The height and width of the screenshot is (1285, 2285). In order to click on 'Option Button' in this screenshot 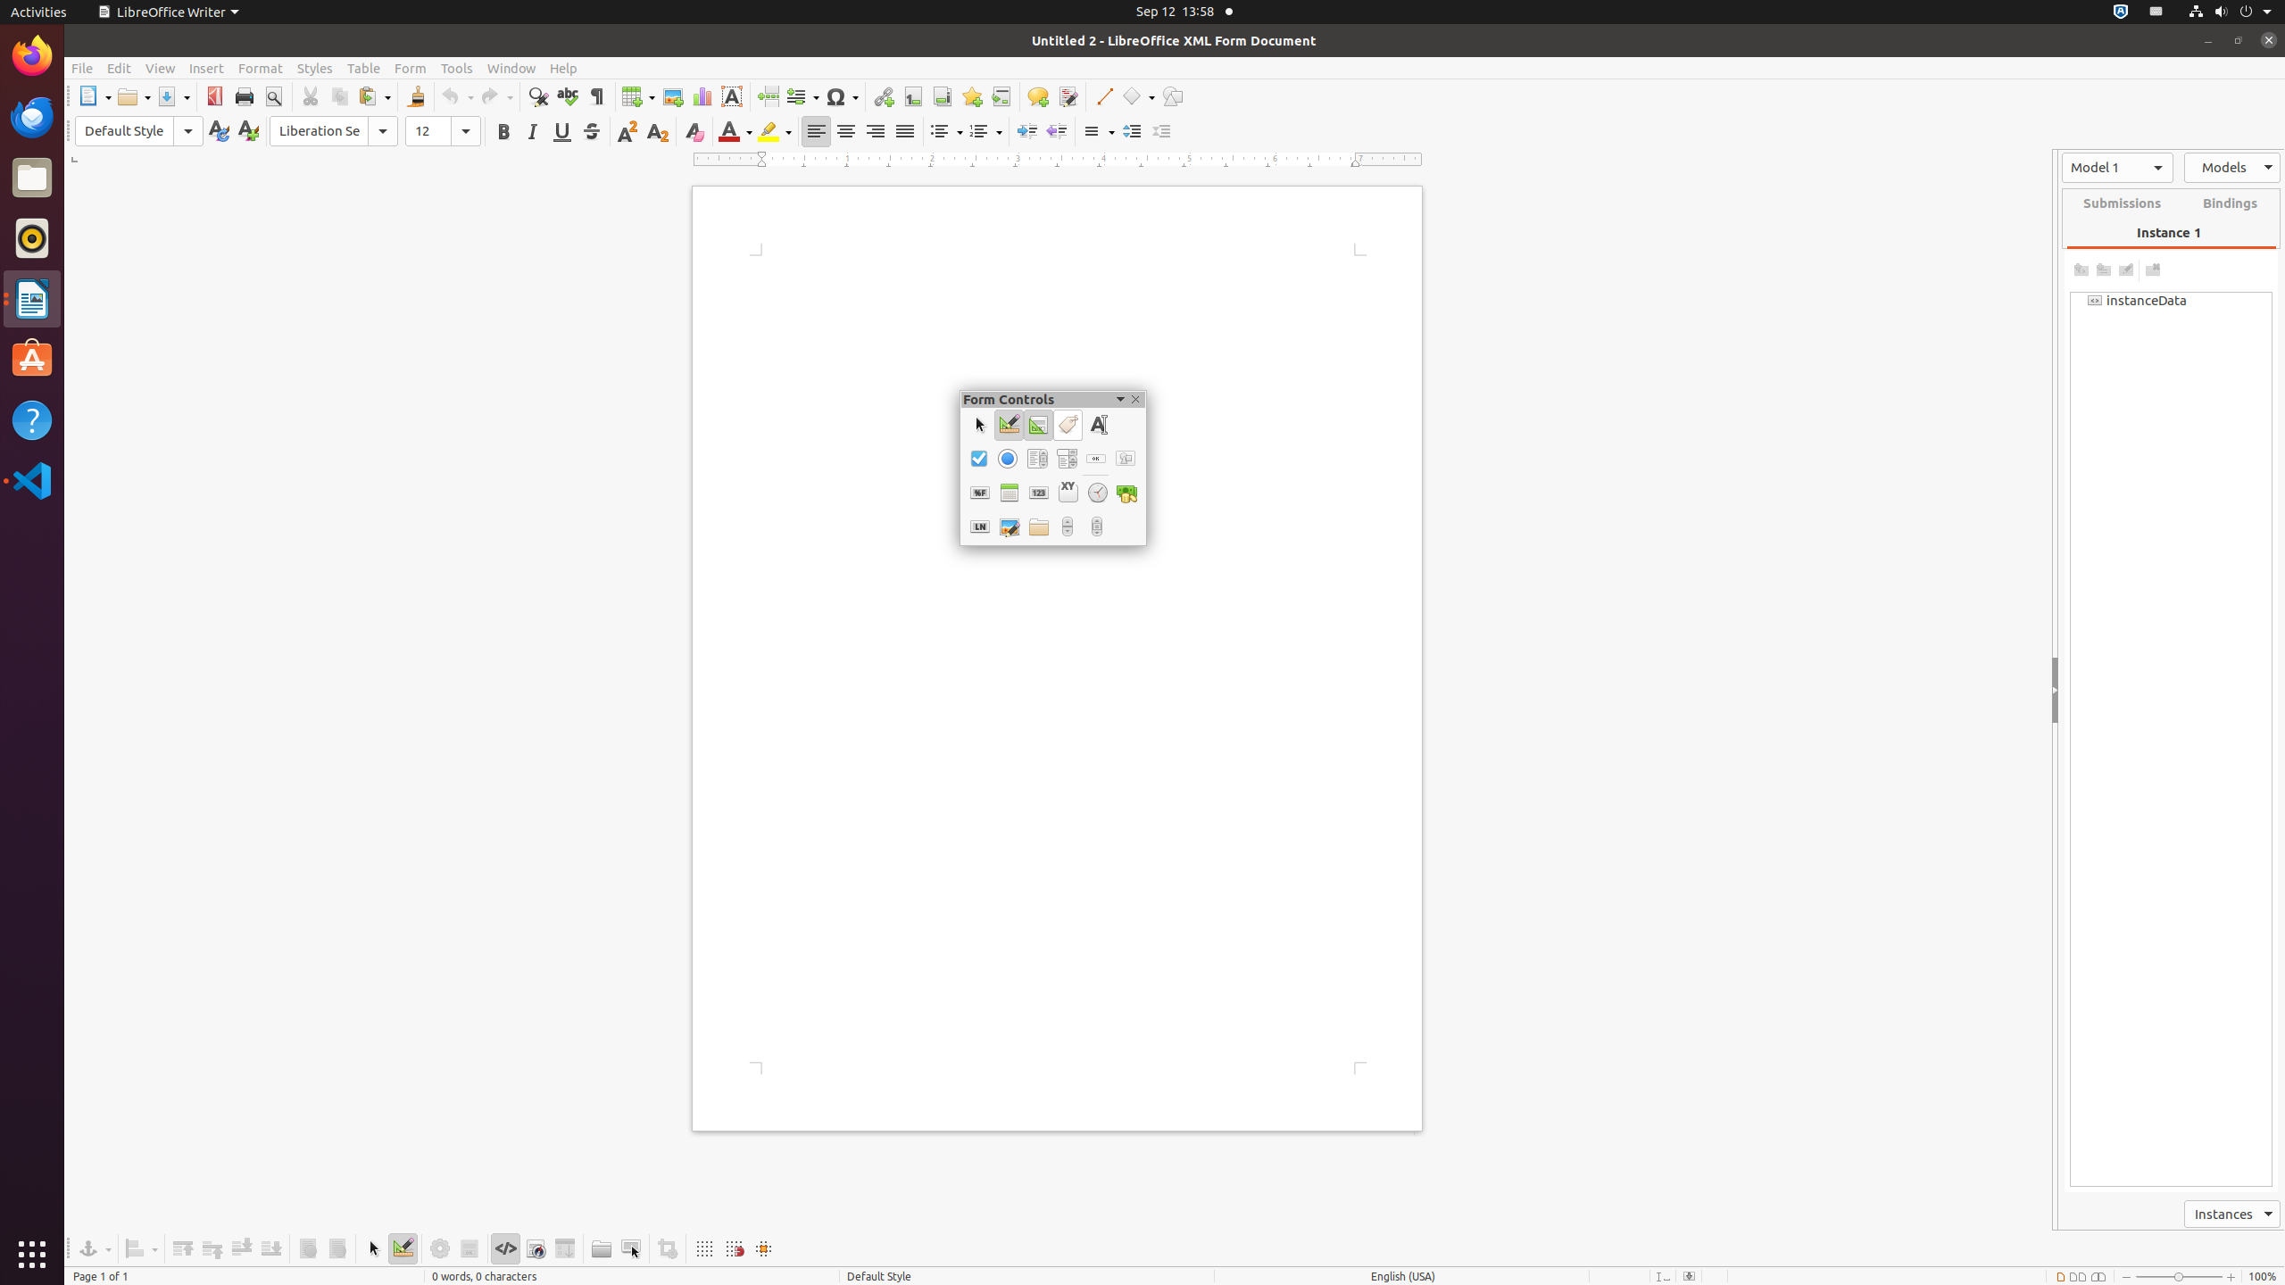, I will do `click(1007, 458)`.